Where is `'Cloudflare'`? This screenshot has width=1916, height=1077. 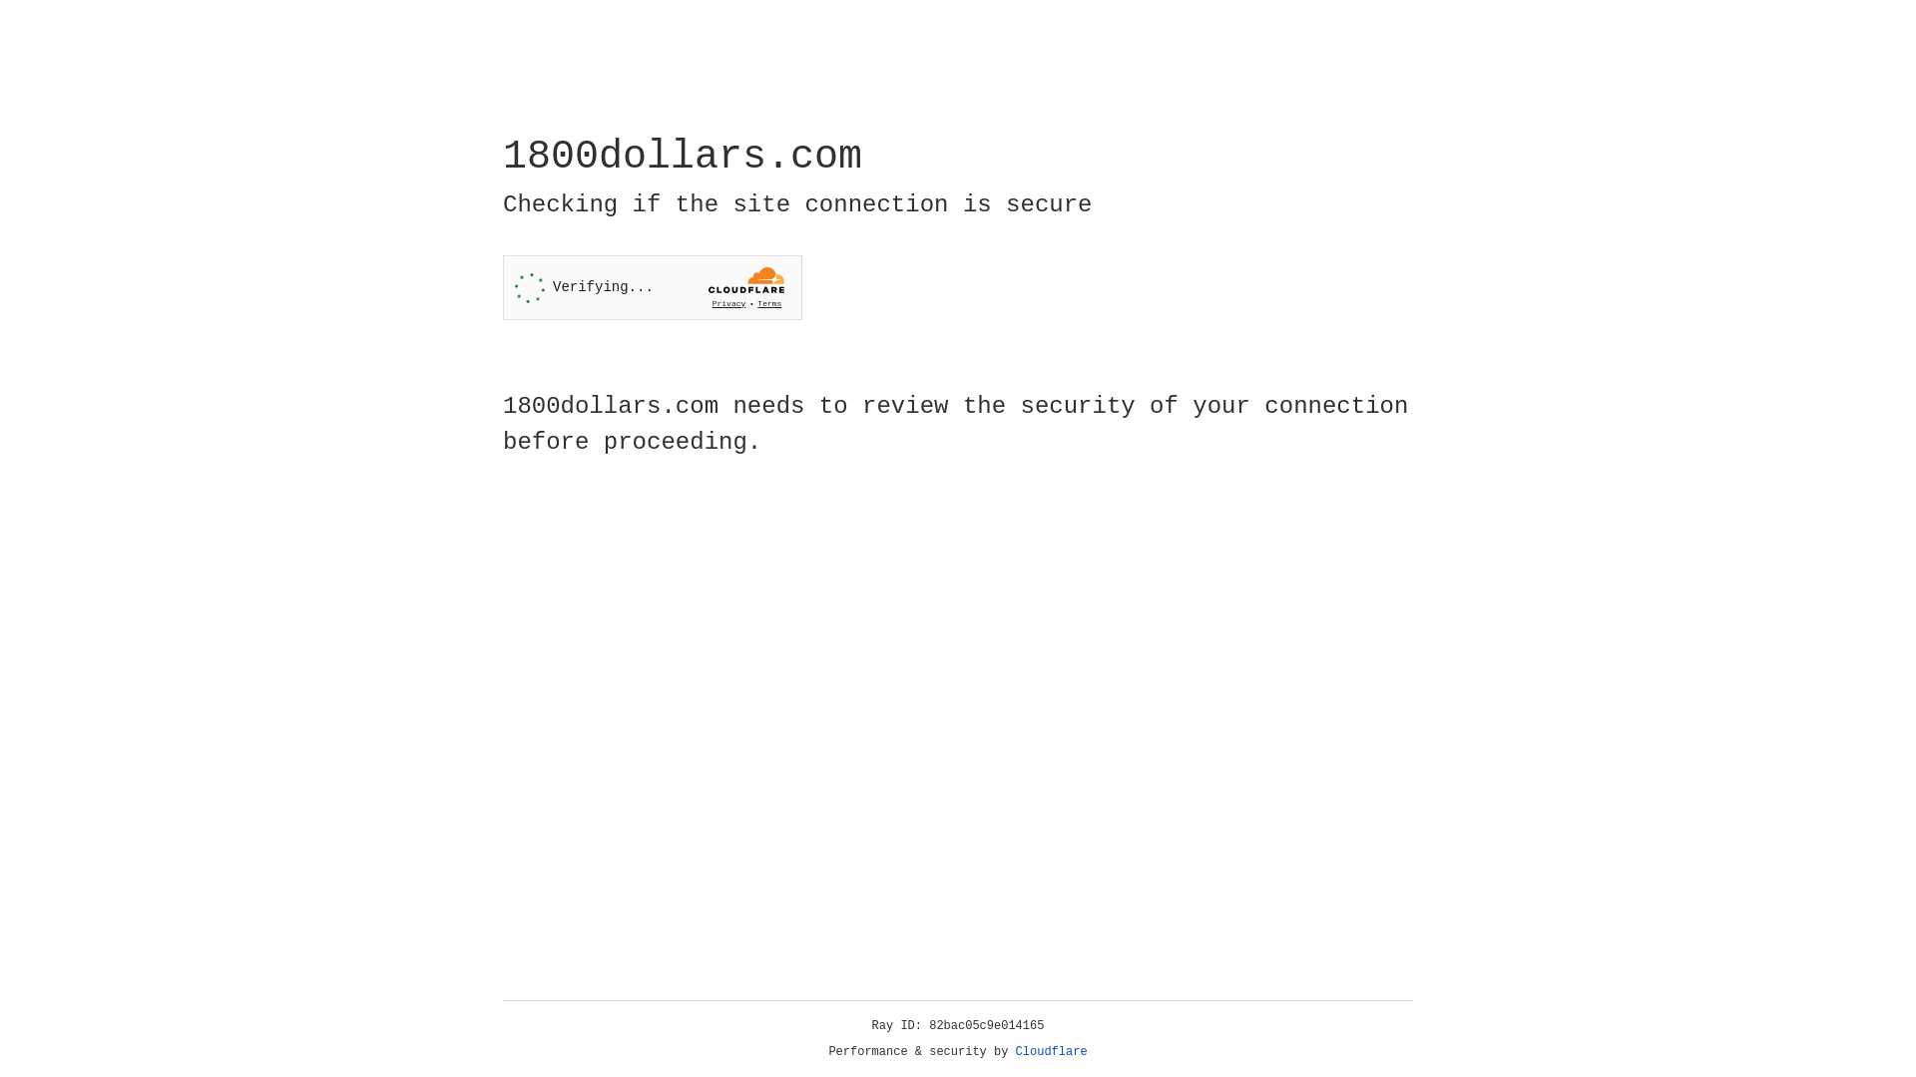
'Cloudflare' is located at coordinates (1051, 1051).